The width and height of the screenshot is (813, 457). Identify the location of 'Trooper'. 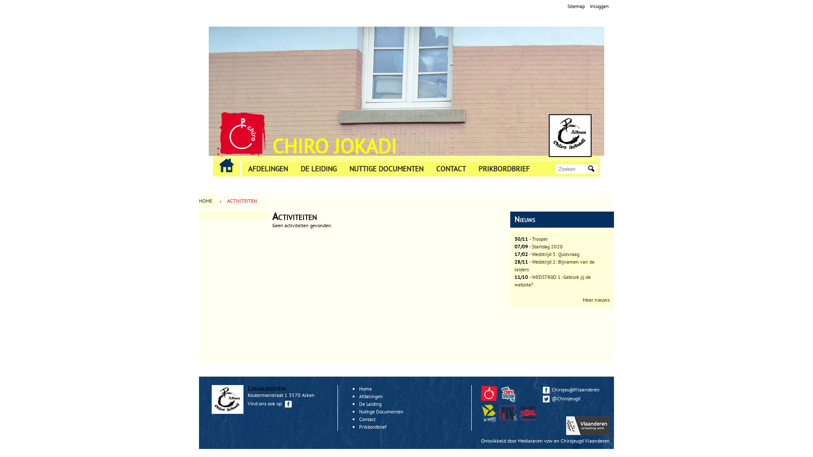
(539, 239).